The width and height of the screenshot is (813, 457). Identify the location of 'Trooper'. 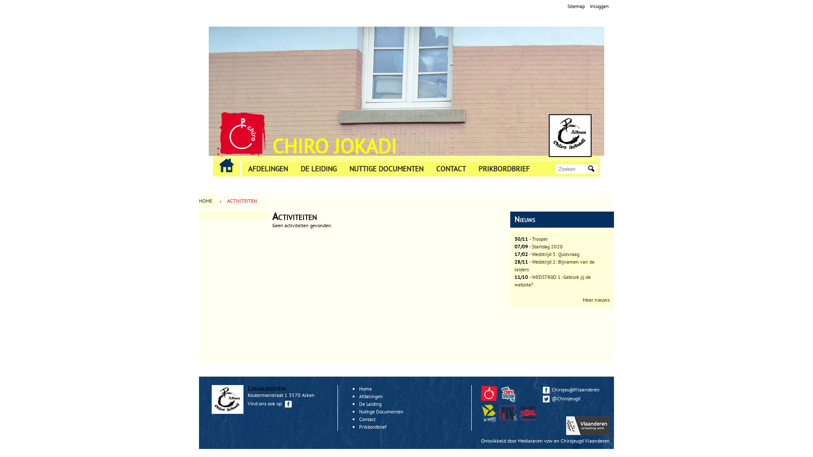
(539, 239).